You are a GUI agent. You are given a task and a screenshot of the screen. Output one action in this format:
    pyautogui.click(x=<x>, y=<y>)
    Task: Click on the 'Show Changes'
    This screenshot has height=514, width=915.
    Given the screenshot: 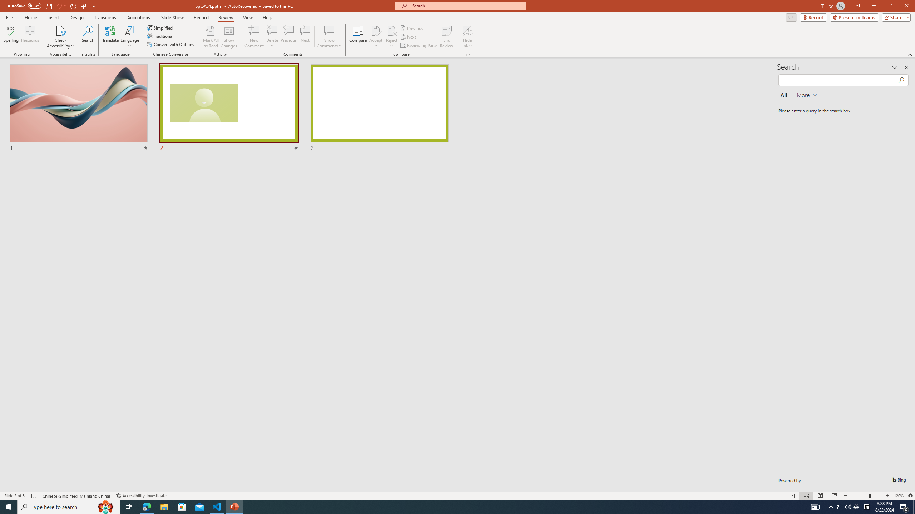 What is the action you would take?
    pyautogui.click(x=229, y=37)
    